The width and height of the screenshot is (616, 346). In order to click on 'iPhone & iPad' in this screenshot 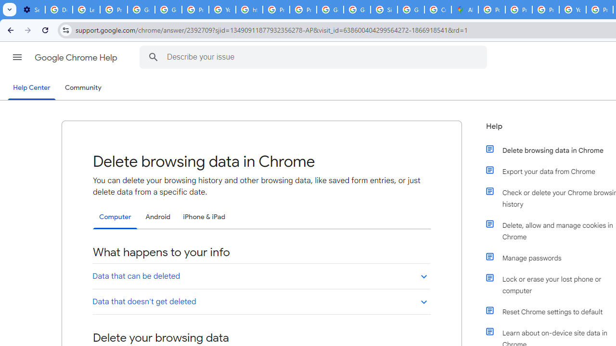, I will do `click(204, 217)`.